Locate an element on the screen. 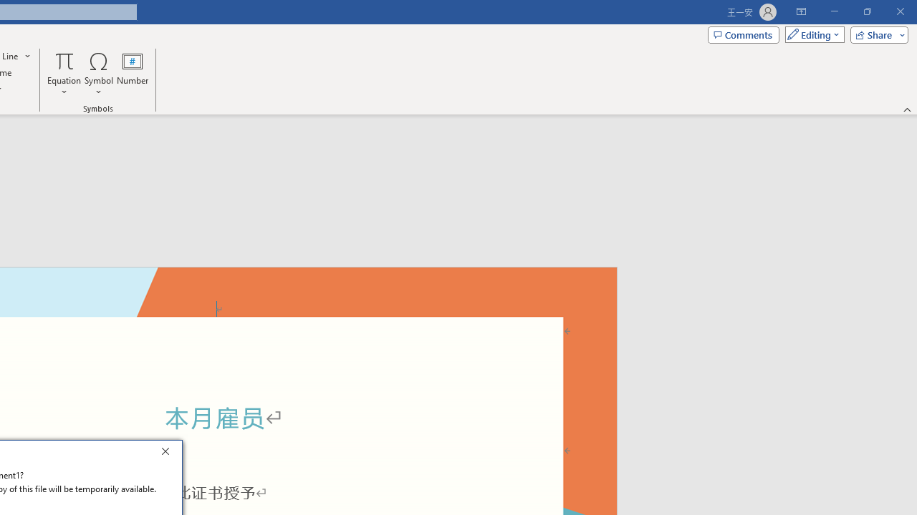 The height and width of the screenshot is (515, 917). 'Minimize' is located at coordinates (834, 11).